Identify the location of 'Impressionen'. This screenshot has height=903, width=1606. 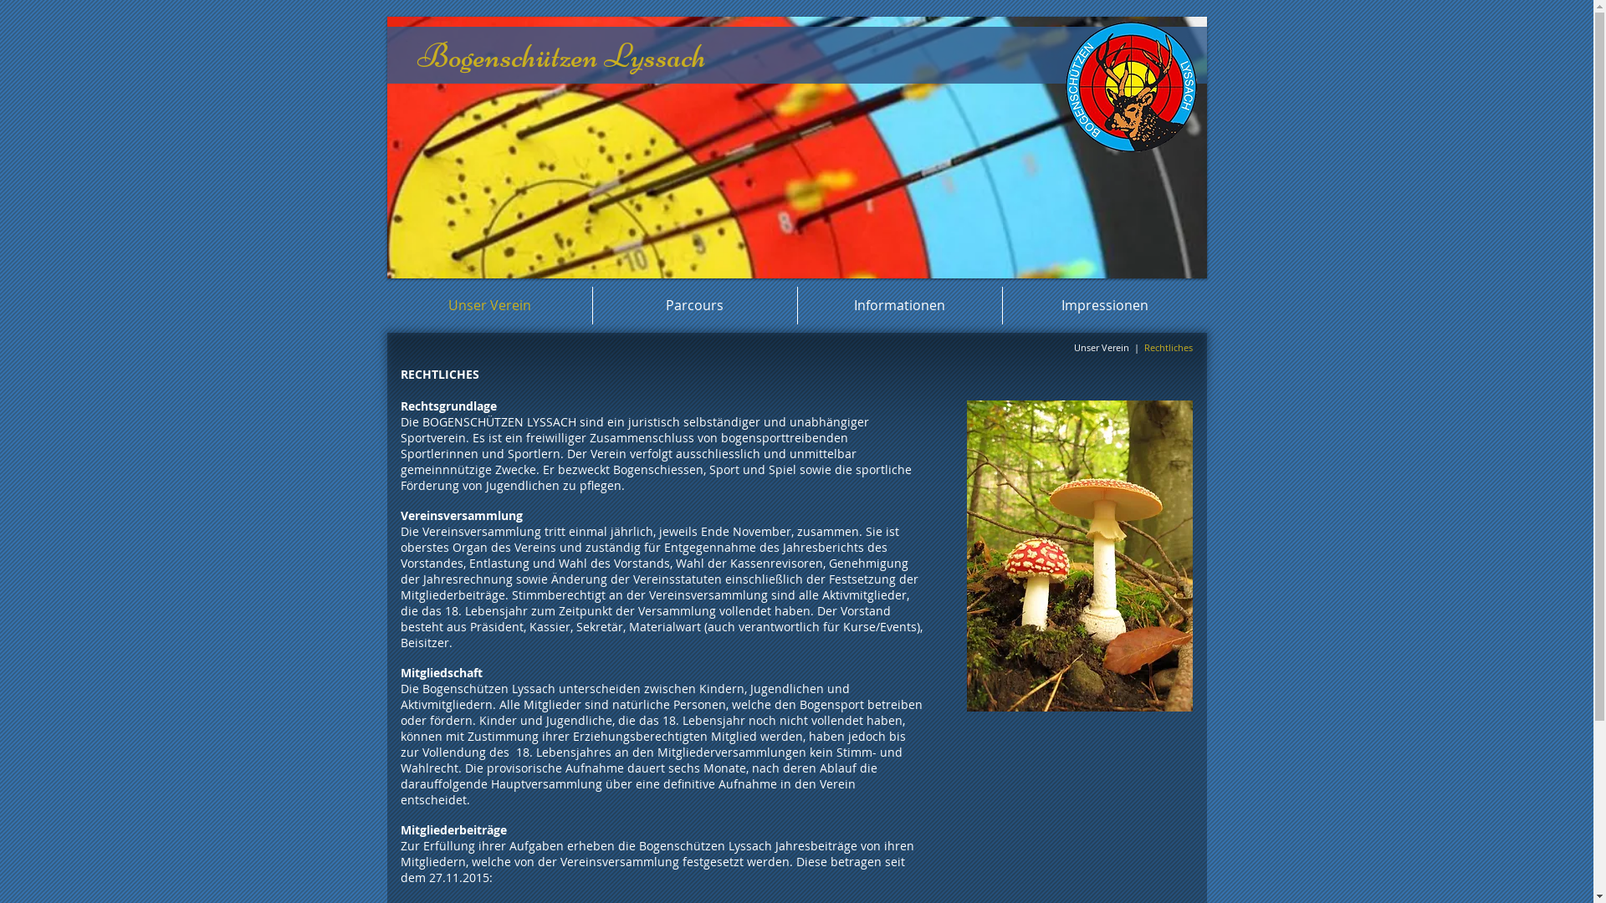
(1104, 305).